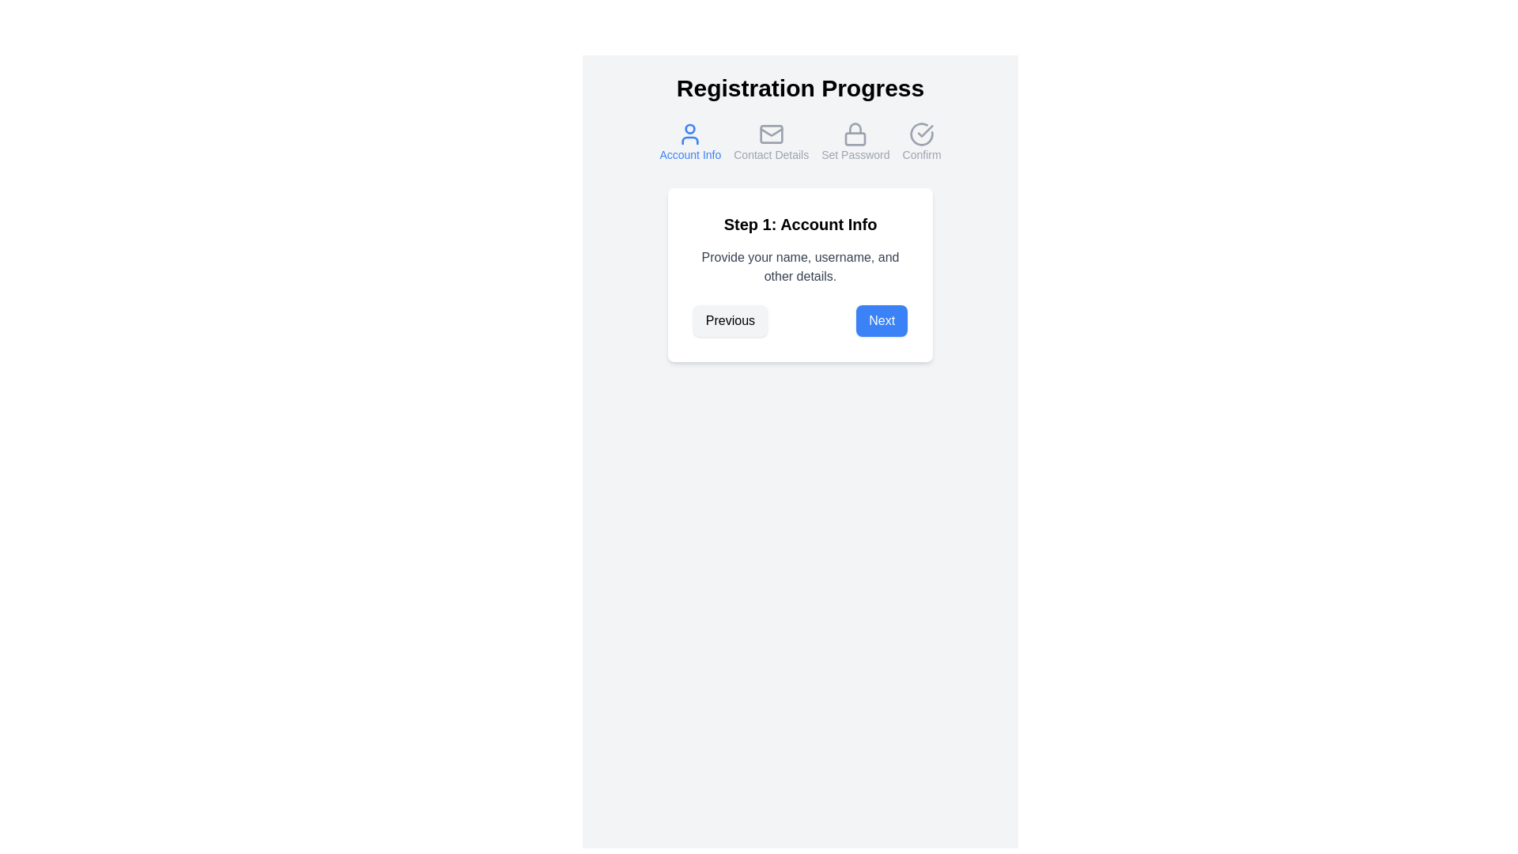 This screenshot has width=1518, height=854. Describe the element at coordinates (855, 133) in the screenshot. I see `the 'Set Password' icon, which is the third icon in a horizontal layout of icons for the account setup process` at that location.